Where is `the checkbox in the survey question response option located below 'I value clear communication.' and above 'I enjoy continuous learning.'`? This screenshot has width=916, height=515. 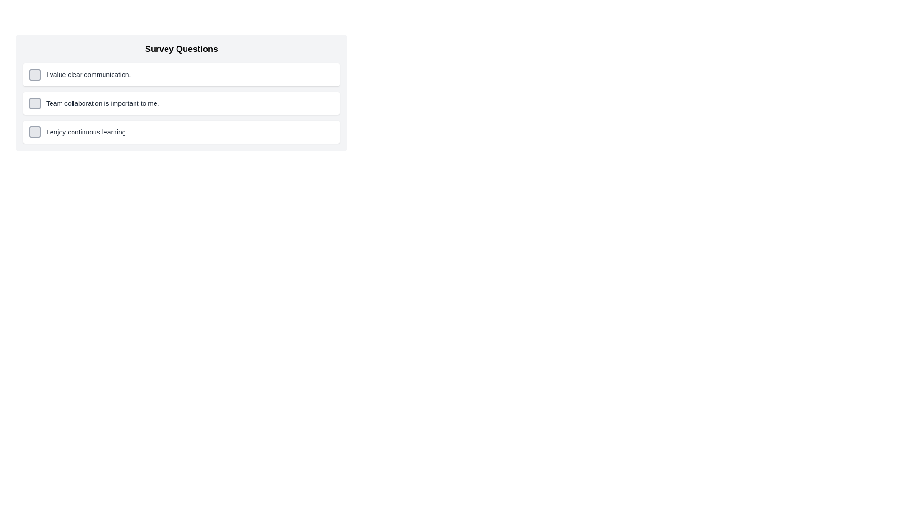
the checkbox in the survey question response option located below 'I value clear communication.' and above 'I enjoy continuous learning.' is located at coordinates (181, 103).